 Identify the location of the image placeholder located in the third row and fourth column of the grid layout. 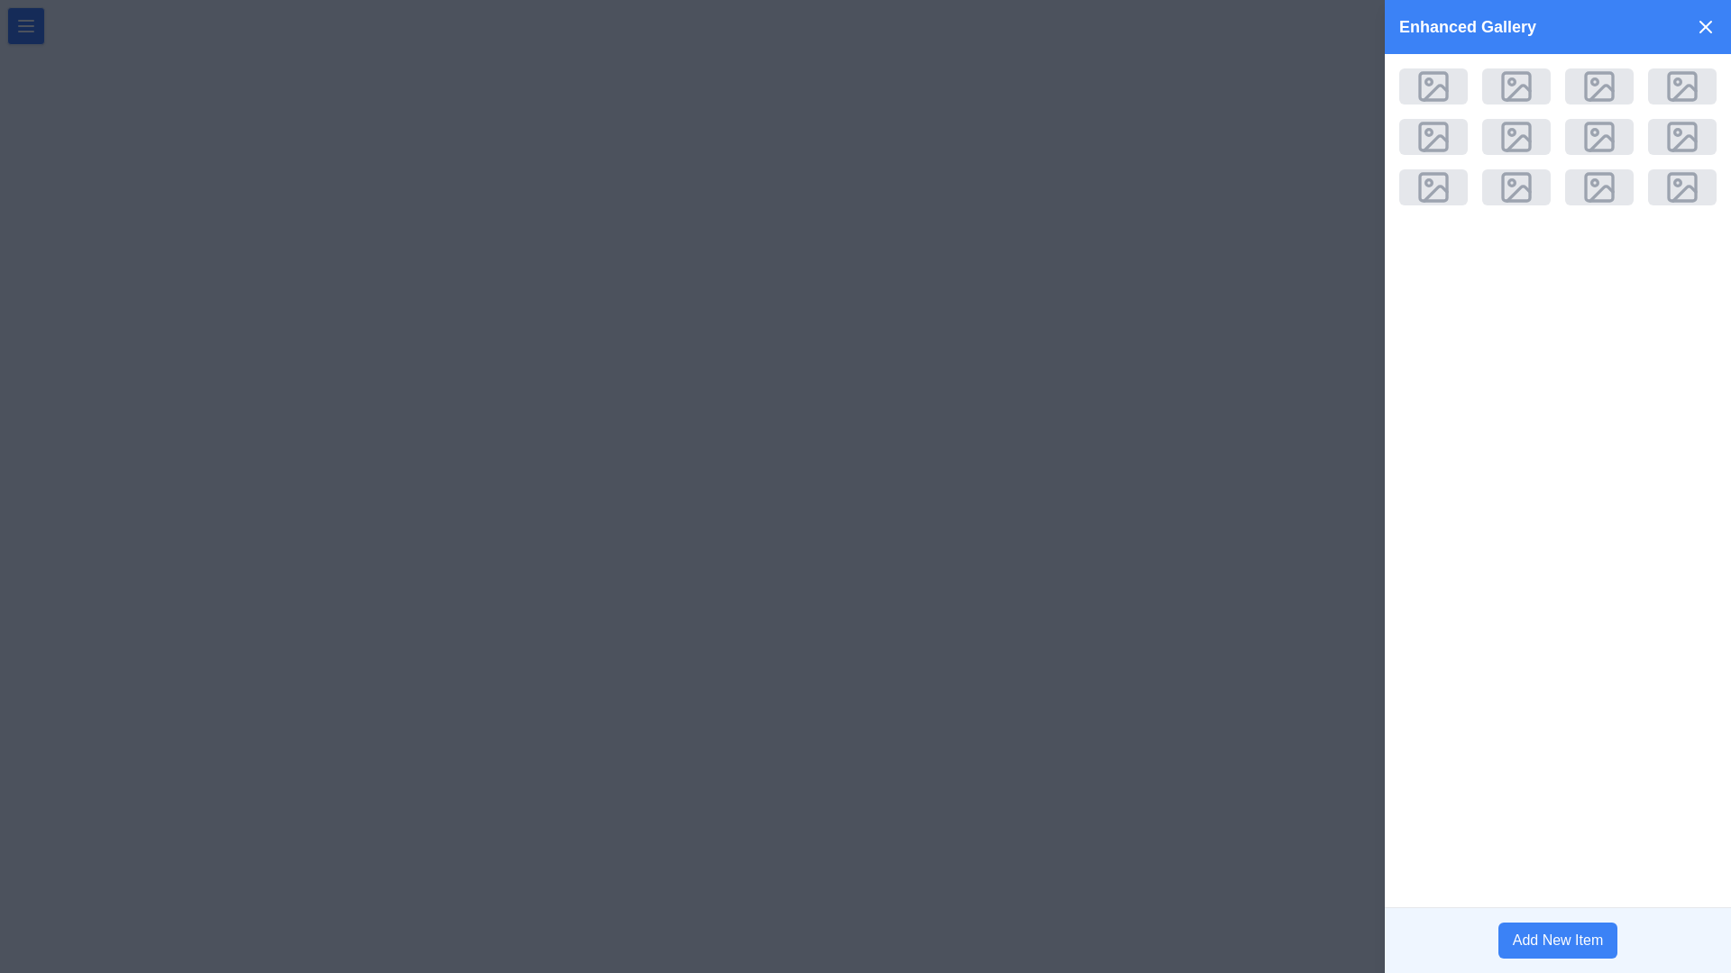
(1681, 135).